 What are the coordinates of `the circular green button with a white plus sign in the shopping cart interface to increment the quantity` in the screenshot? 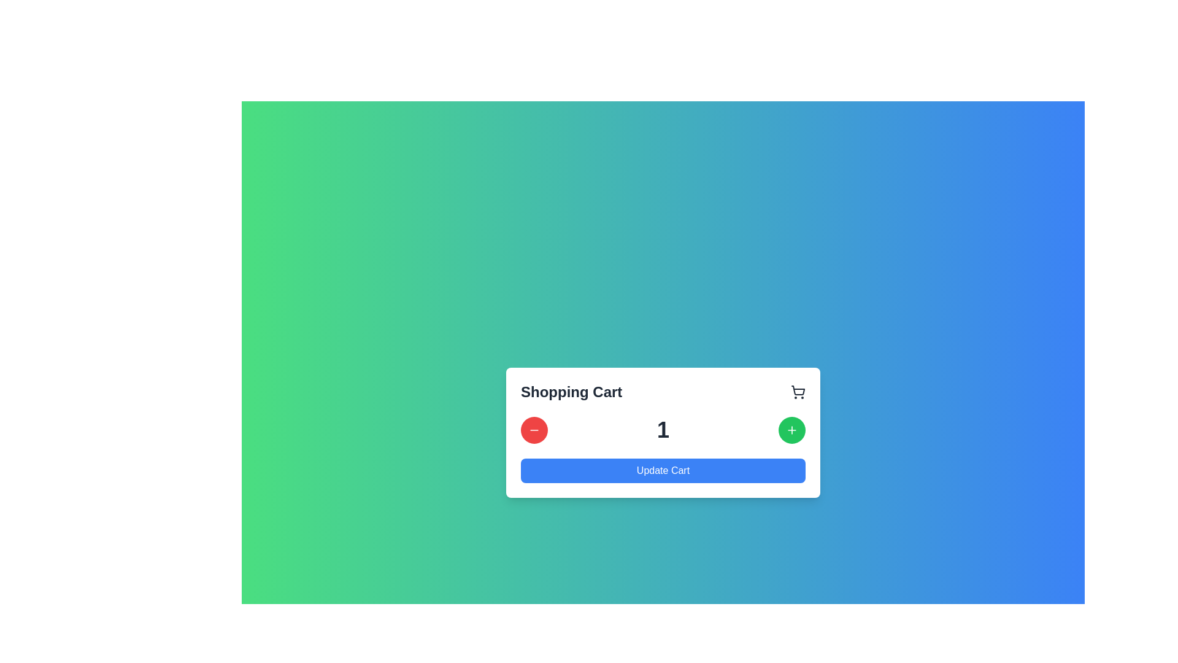 It's located at (792, 430).